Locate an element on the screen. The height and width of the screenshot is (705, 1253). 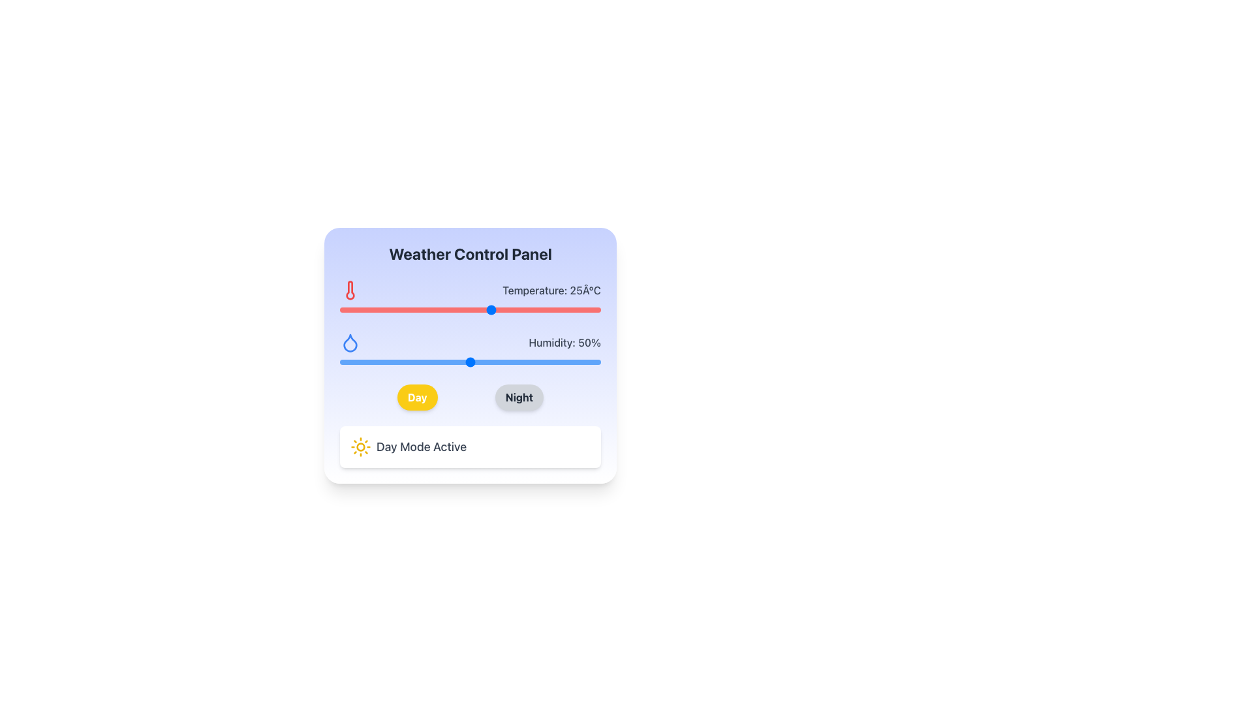
humidity is located at coordinates (525, 362).